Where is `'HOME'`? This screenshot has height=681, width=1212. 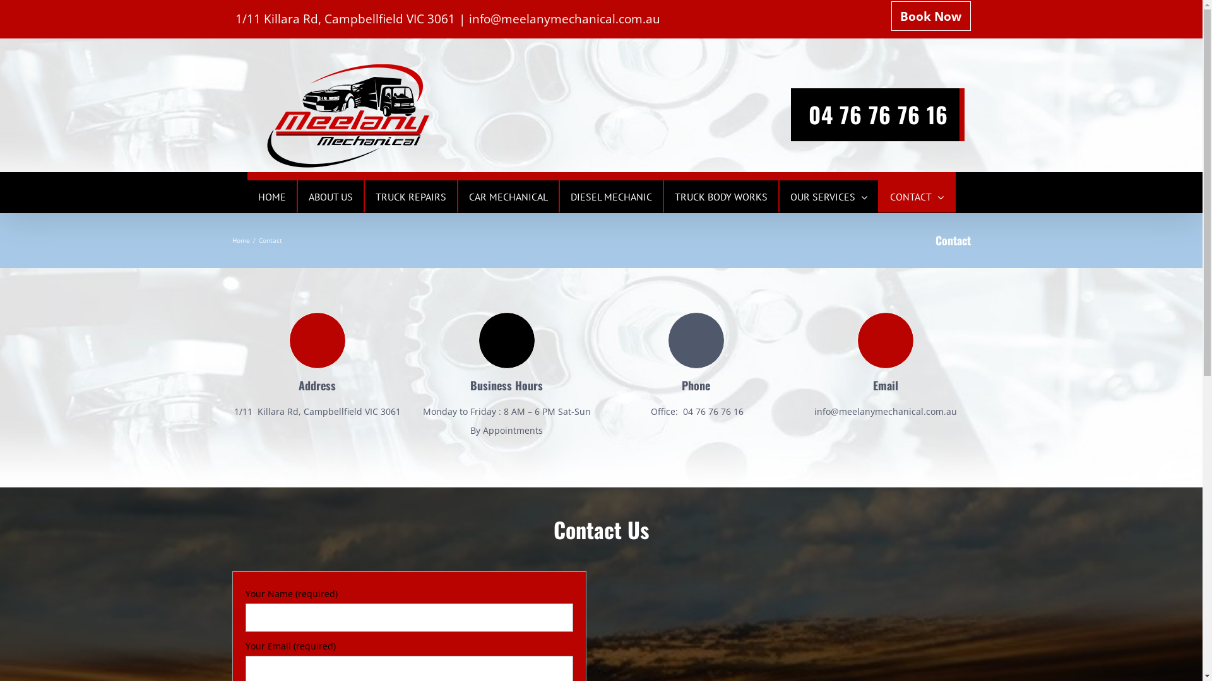
'HOME' is located at coordinates (257, 196).